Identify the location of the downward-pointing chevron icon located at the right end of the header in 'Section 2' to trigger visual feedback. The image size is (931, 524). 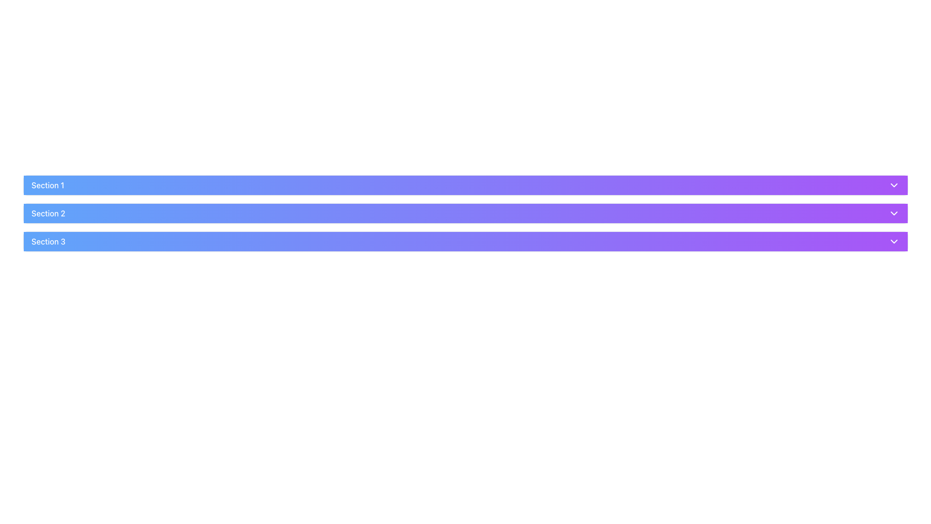
(893, 213).